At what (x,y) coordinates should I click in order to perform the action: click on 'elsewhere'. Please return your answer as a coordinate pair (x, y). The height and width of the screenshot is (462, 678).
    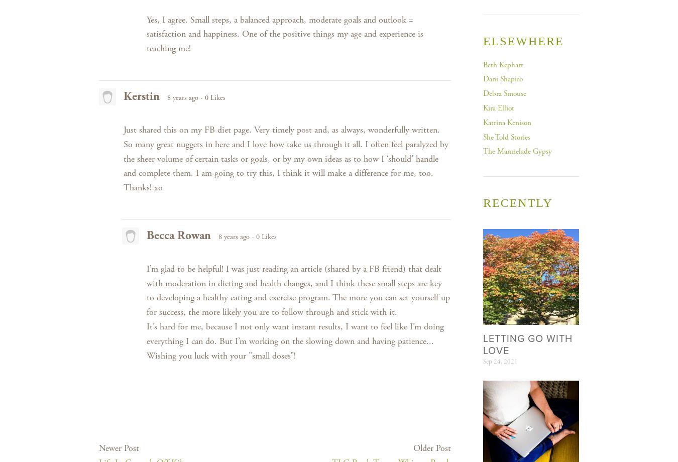
    Looking at the image, I should click on (523, 41).